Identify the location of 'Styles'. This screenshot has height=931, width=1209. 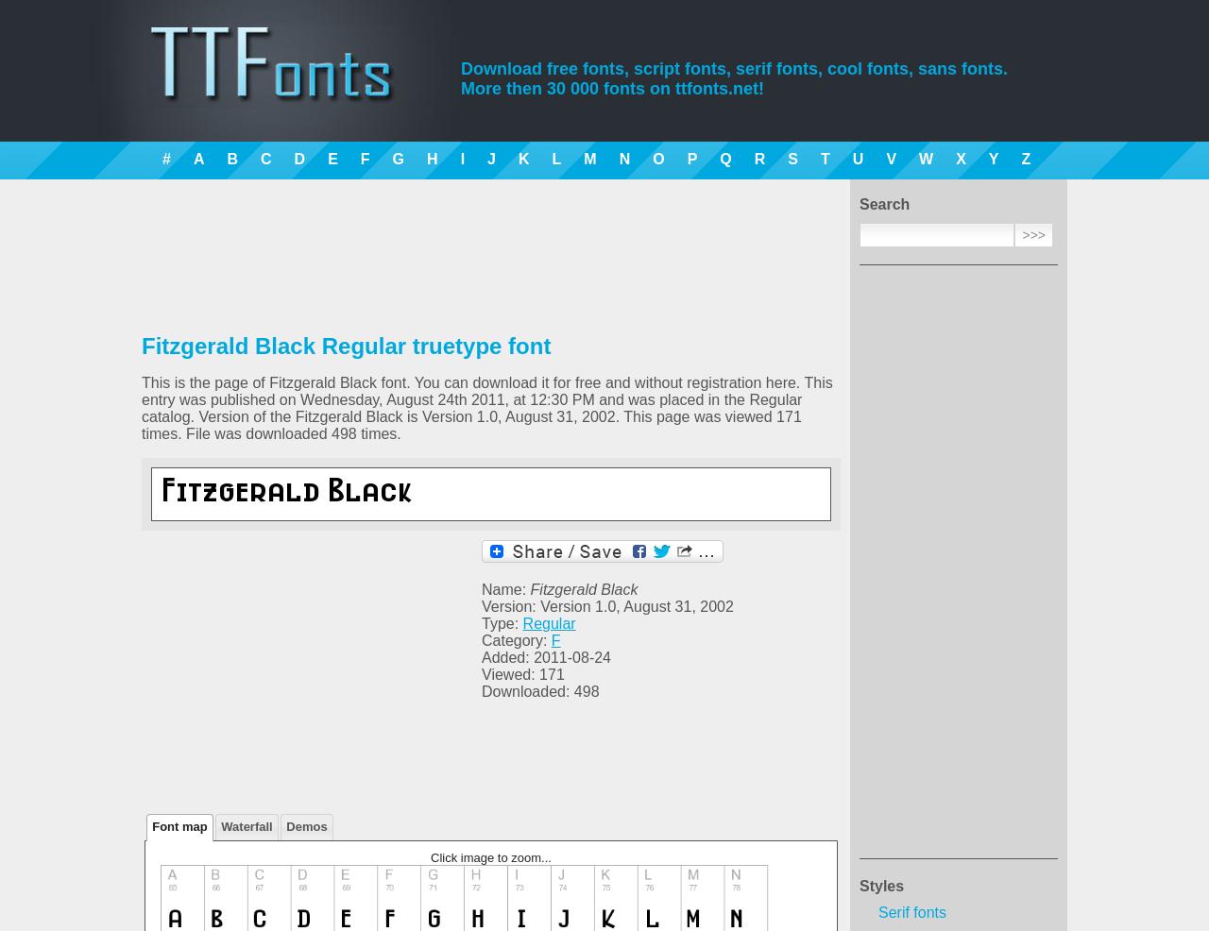
(880, 886).